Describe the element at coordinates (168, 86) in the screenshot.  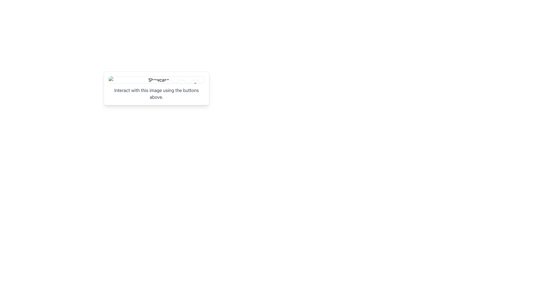
I see `the zoom-in icon located at the center of the circular button in the horizontal toolbar at the top of the interface` at that location.